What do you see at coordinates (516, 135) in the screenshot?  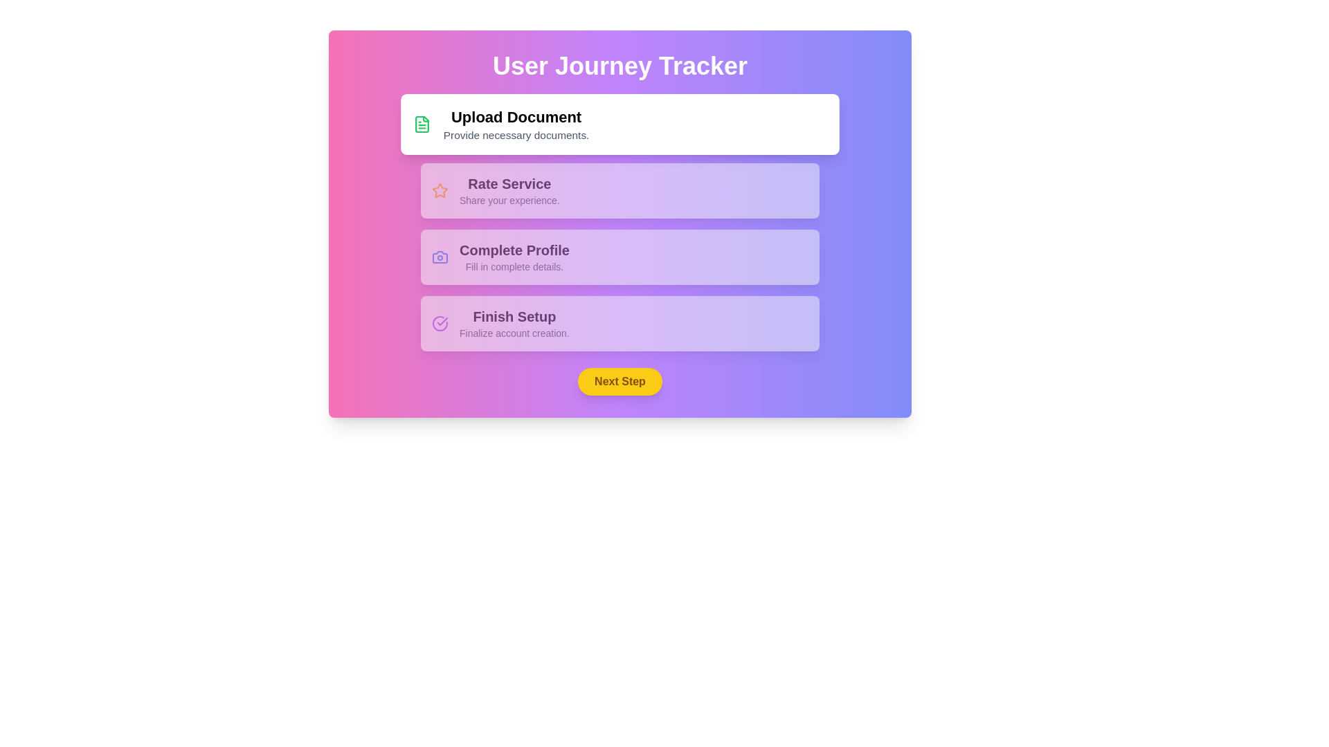 I see `the text label that reads 'Provide necessary documents.' located beneath the 'Upload Document' heading` at bounding box center [516, 135].